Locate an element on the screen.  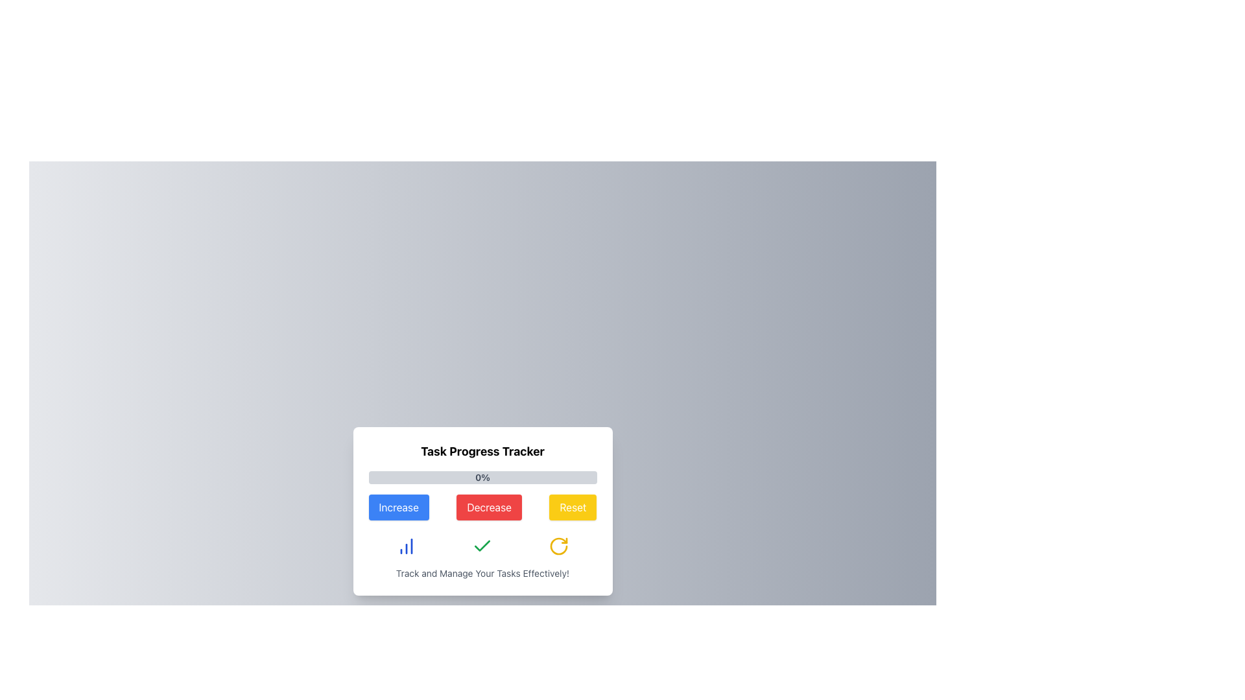
the 'Reset' button located at the rightmost side of a row of three buttons labeled 'Increase', 'Decrease', and 'Reset' is located at coordinates (572, 507).